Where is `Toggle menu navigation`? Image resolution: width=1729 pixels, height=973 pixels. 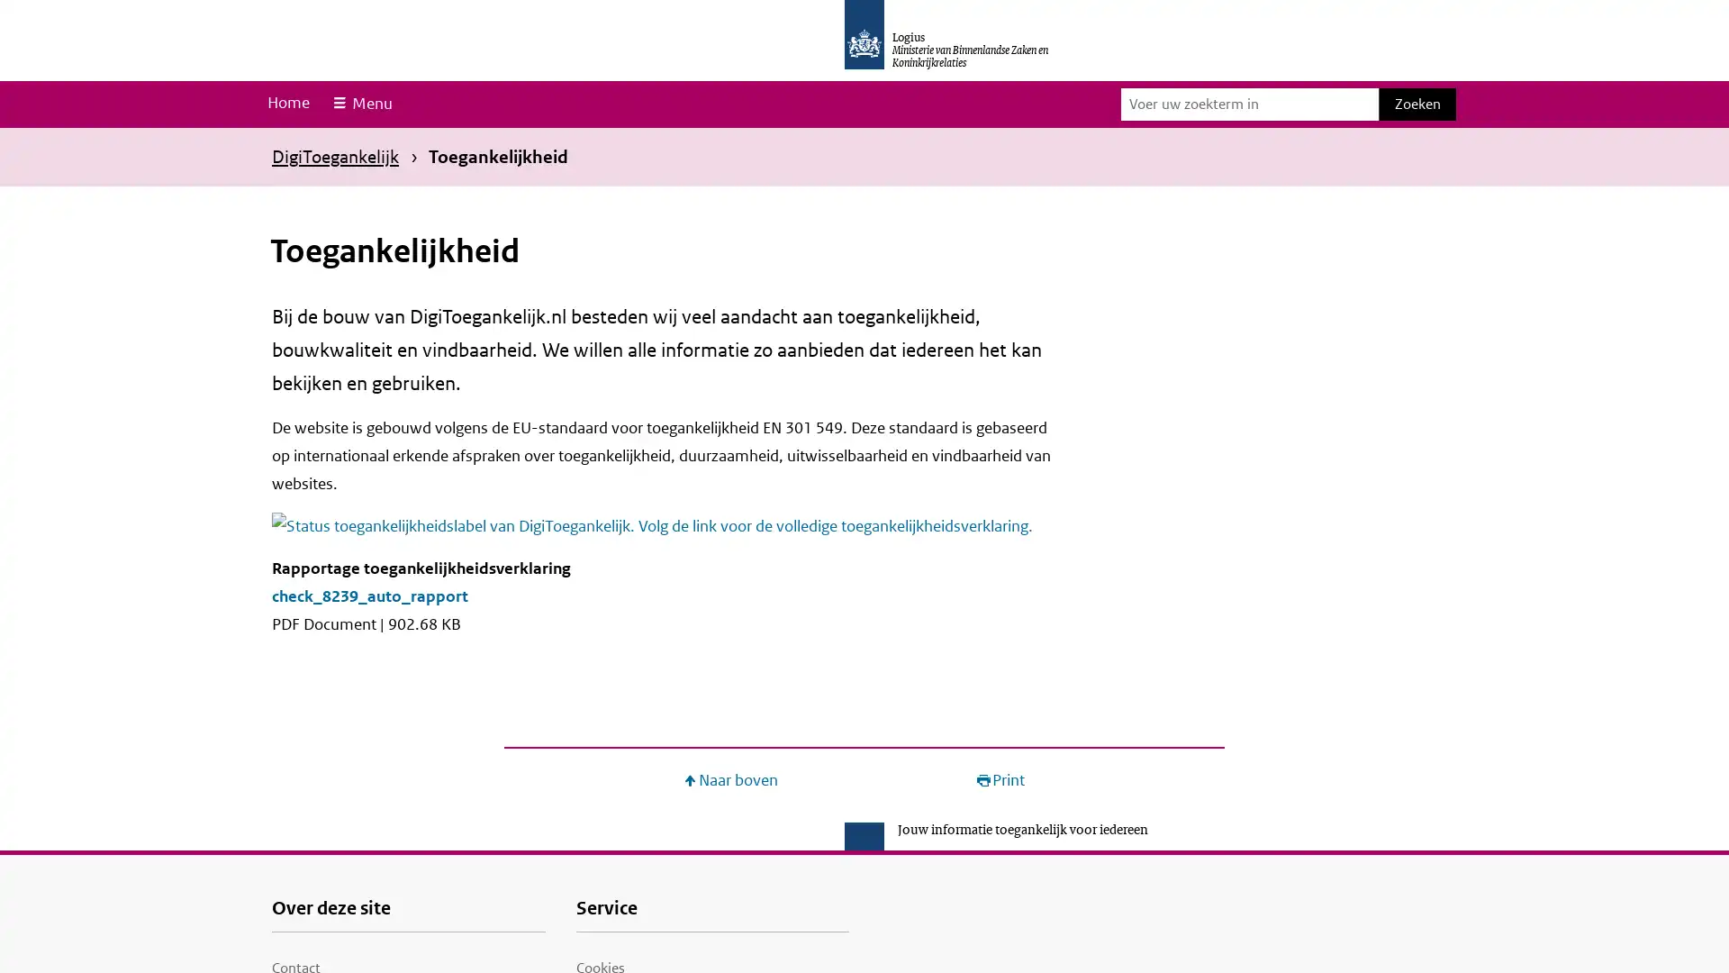 Toggle menu navigation is located at coordinates (360, 104).